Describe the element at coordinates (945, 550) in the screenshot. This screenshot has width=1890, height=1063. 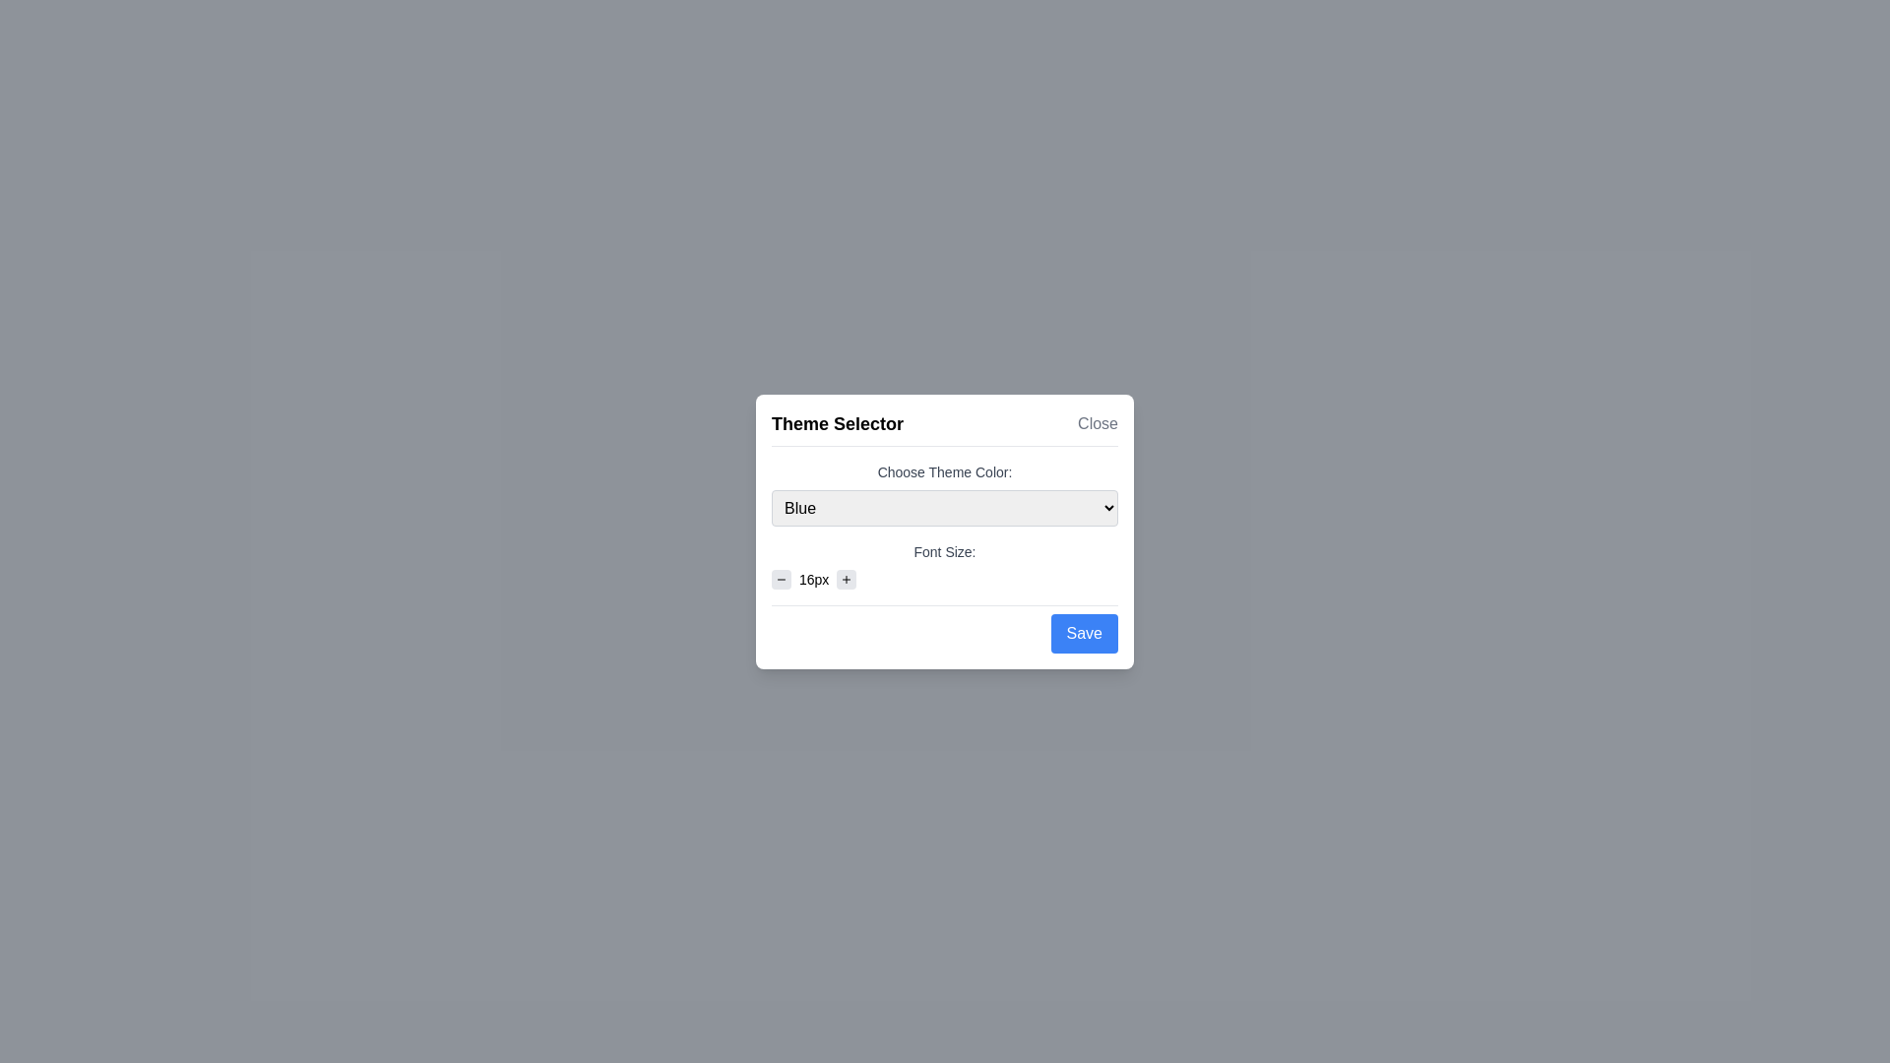
I see `the static text label that indicates the purpose of the font size adjustment controls, located directly below the 'Choose Theme Color:' dropdown and above the font size adjustment buttons` at that location.